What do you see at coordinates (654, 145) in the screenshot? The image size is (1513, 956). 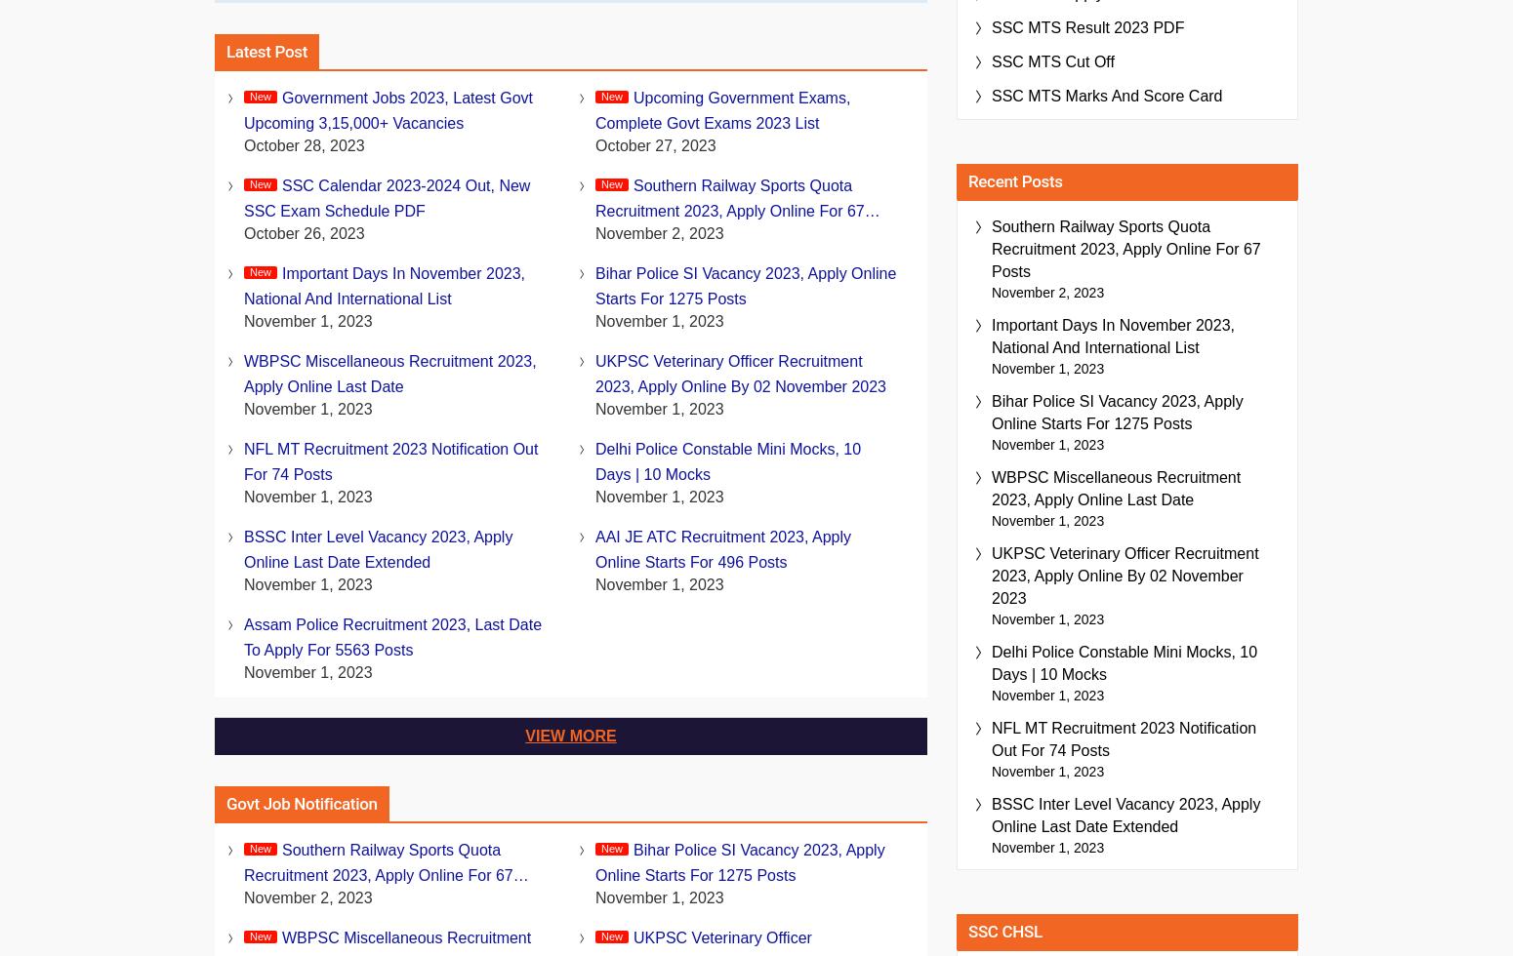 I see `'October 27, 2023'` at bounding box center [654, 145].